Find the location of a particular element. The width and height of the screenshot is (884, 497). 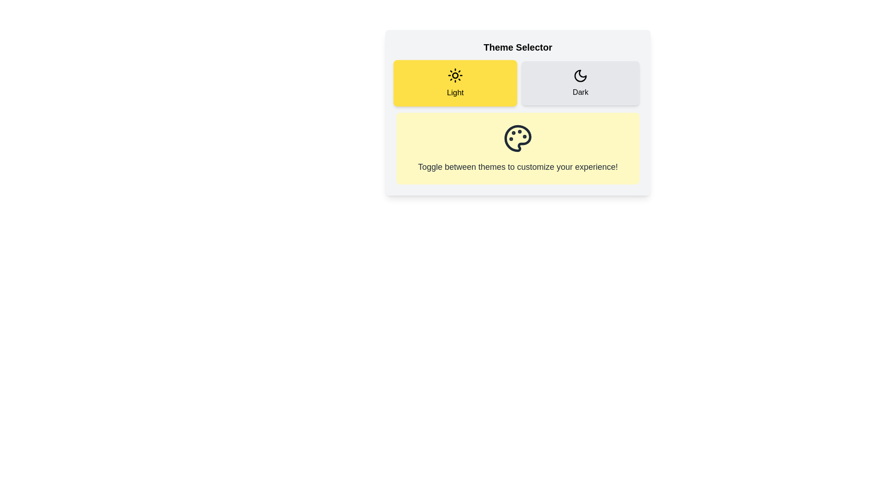

the 'Dark' theme selection label located to the right of the 'Light' card and below the moon icon in the Theme Selector interface is located at coordinates (580, 92).